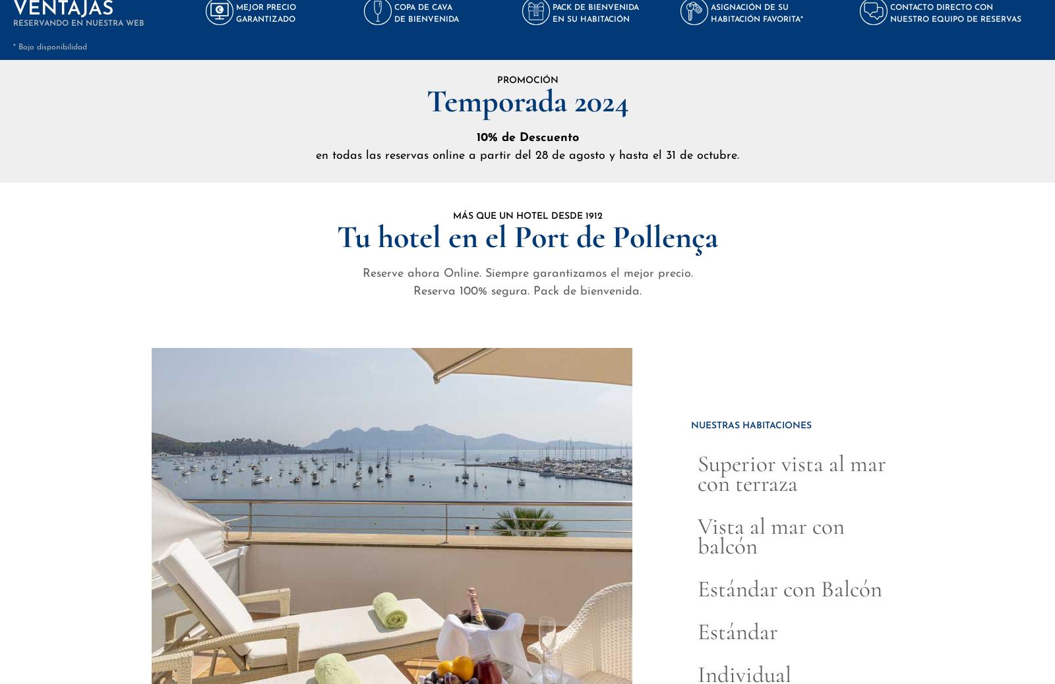  I want to click on '* Bajo disponibilidad', so click(49, 47).